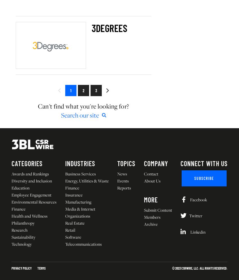  I want to click on 'Archive', so click(150, 223).